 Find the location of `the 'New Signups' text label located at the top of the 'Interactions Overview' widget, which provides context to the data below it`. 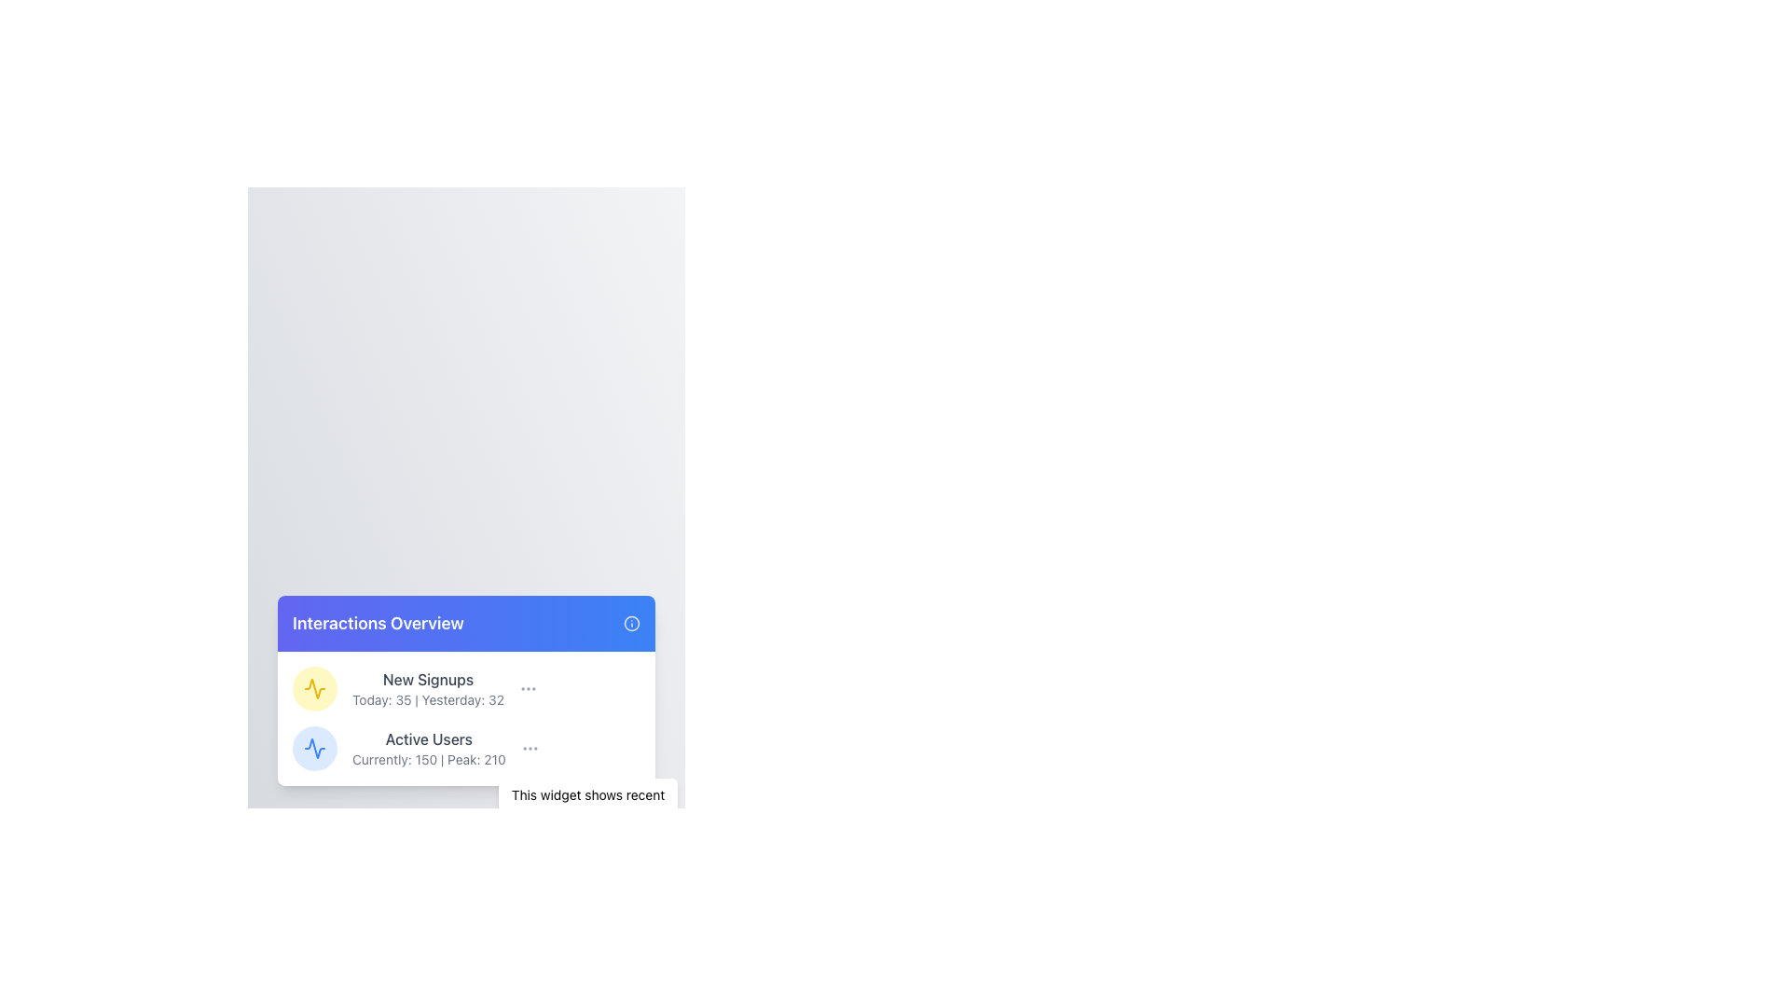

the 'New Signups' text label located at the top of the 'Interactions Overview' widget, which provides context to the data below it is located at coordinates (427, 680).